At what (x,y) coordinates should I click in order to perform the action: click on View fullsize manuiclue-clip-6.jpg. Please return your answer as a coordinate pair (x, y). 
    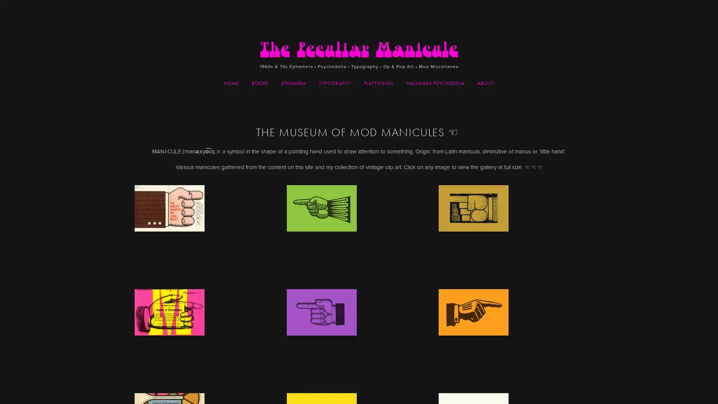
    Looking at the image, I should click on (358, 337).